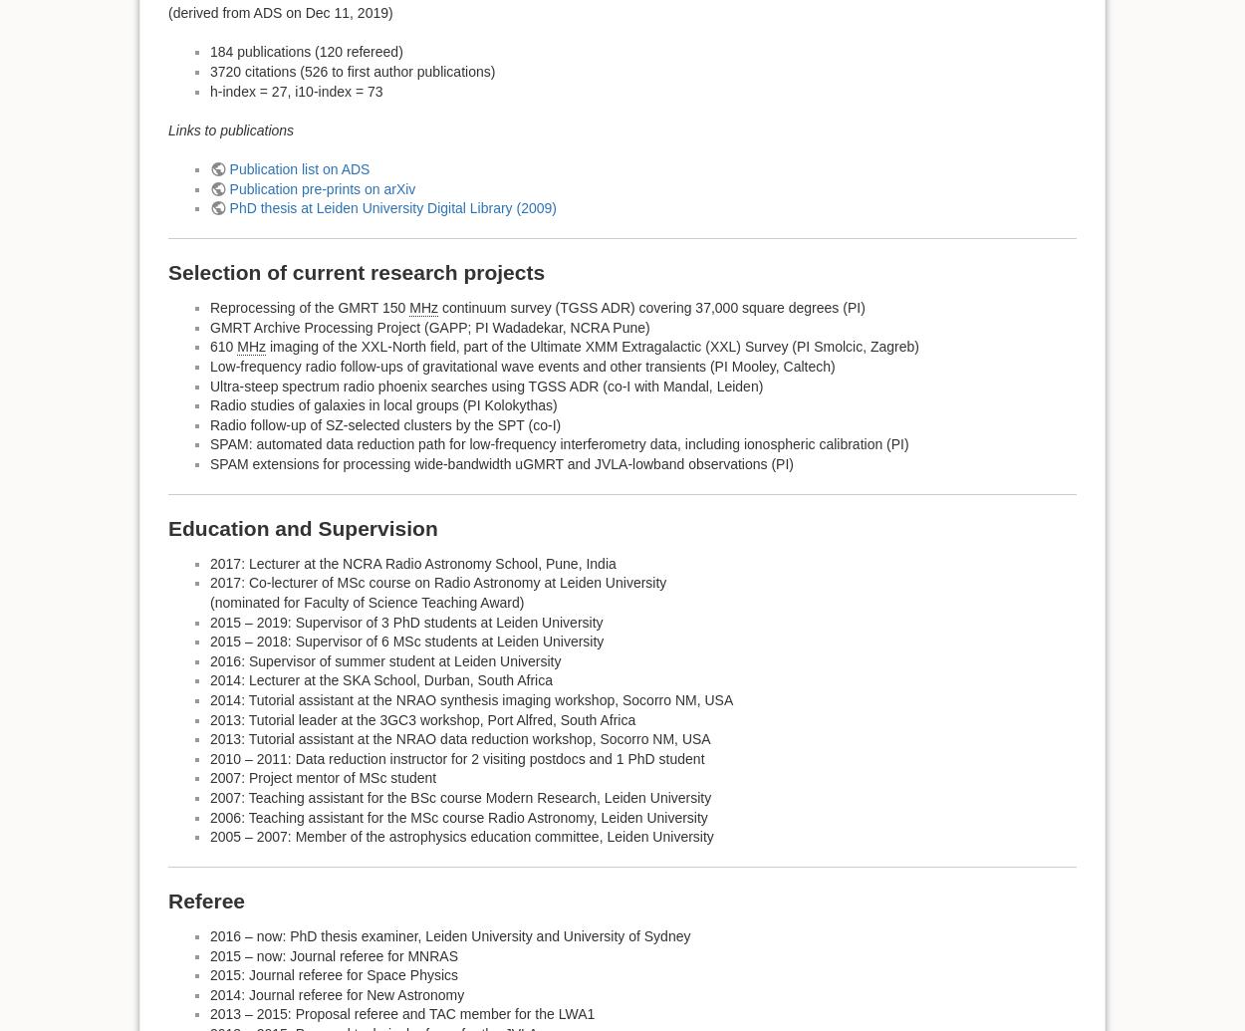 Image resolution: width=1245 pixels, height=1031 pixels. What do you see at coordinates (209, 777) in the screenshot?
I see `'2007: Project mentor of MSc student'` at bounding box center [209, 777].